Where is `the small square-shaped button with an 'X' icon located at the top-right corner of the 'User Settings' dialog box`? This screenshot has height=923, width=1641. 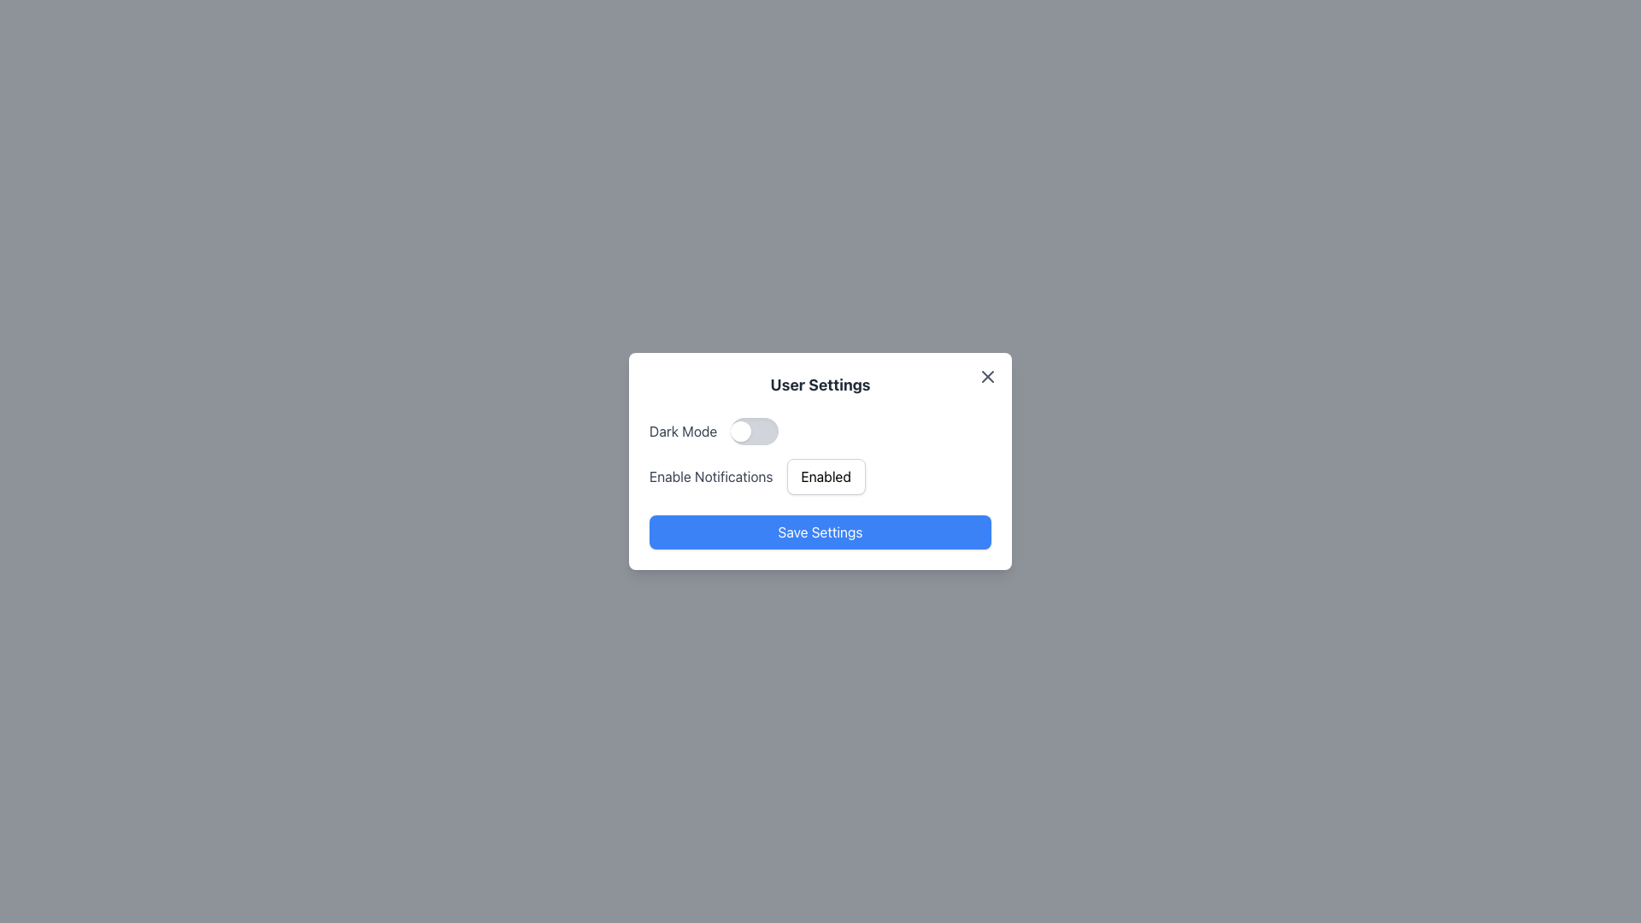
the small square-shaped button with an 'X' icon located at the top-right corner of the 'User Settings' dialog box is located at coordinates (988, 375).